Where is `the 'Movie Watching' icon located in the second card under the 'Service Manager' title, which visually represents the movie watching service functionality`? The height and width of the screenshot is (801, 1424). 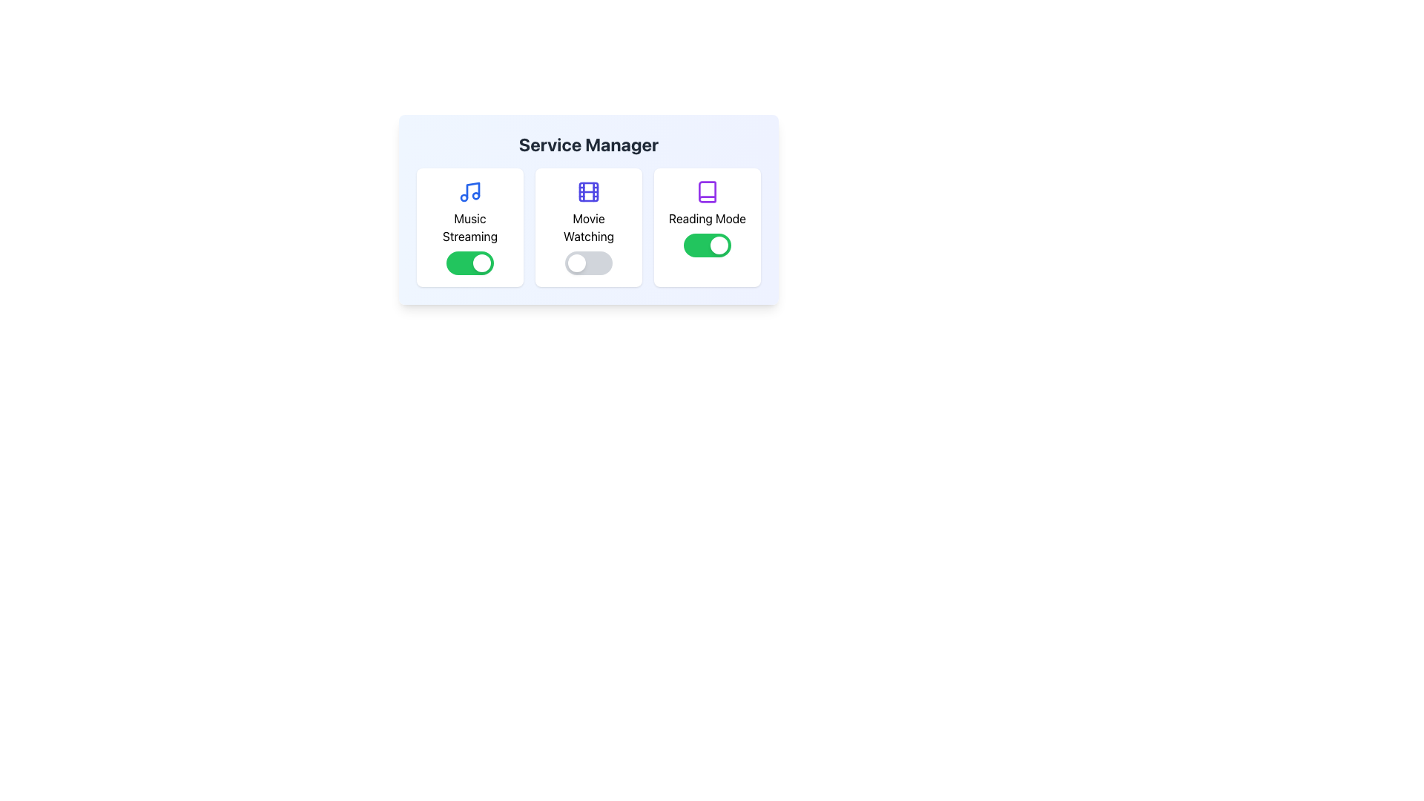 the 'Movie Watching' icon located in the second card under the 'Service Manager' title, which visually represents the movie watching service functionality is located at coordinates (587, 191).